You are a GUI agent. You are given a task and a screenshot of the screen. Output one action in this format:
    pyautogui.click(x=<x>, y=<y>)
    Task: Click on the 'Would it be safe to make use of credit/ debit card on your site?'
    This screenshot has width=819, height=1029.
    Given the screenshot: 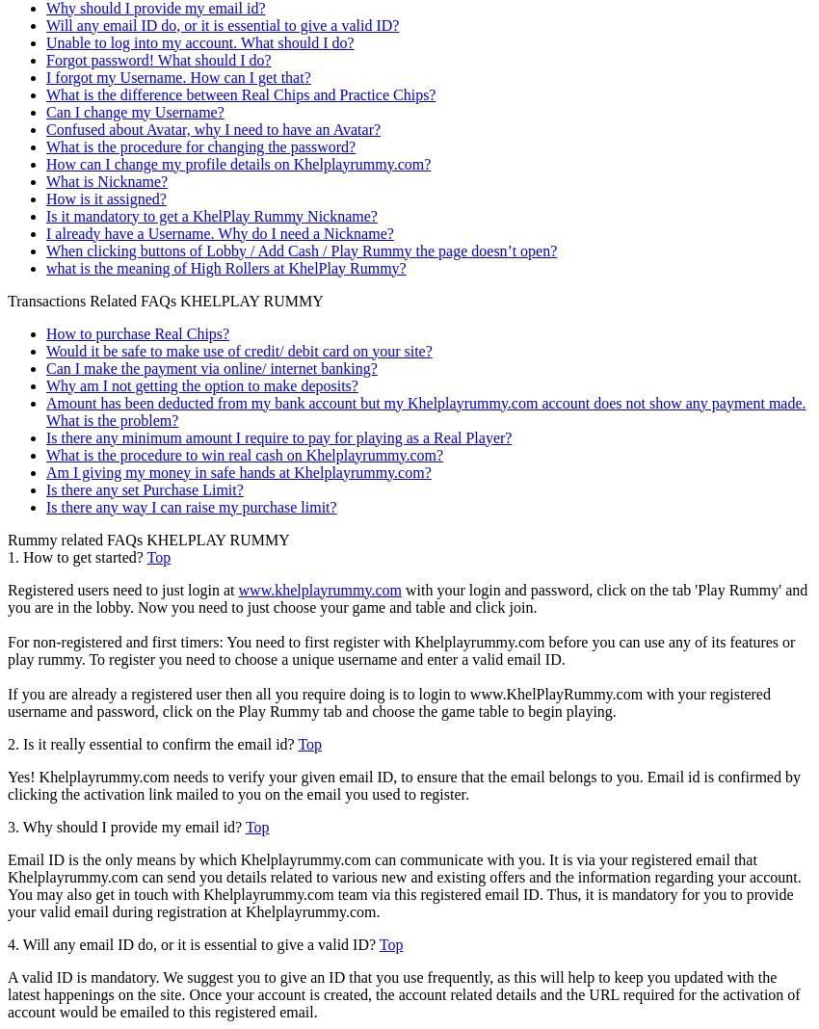 What is the action you would take?
    pyautogui.click(x=239, y=349)
    